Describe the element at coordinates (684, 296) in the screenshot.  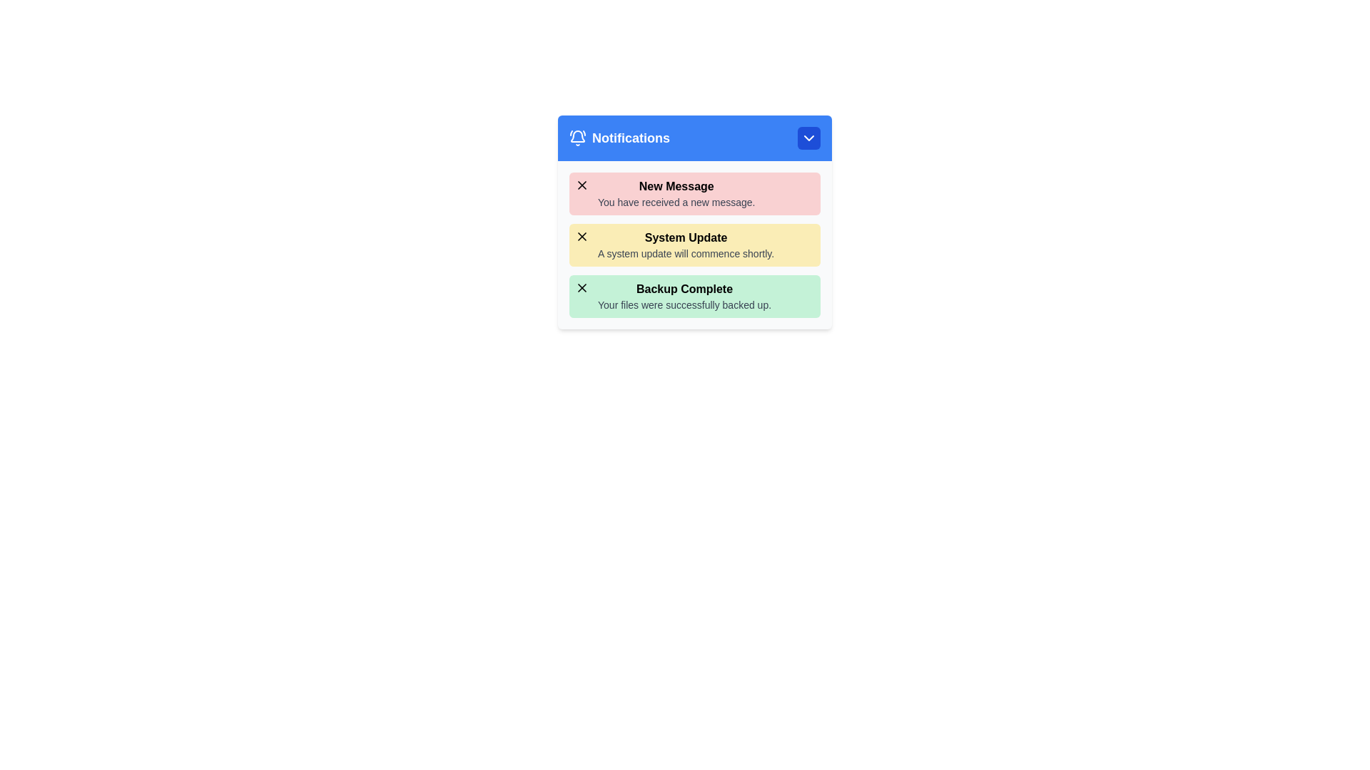
I see `the informational text block that displays 'Backup Complete' and 'Your files were successfully backed up' within the third notification card in the notifications list` at that location.